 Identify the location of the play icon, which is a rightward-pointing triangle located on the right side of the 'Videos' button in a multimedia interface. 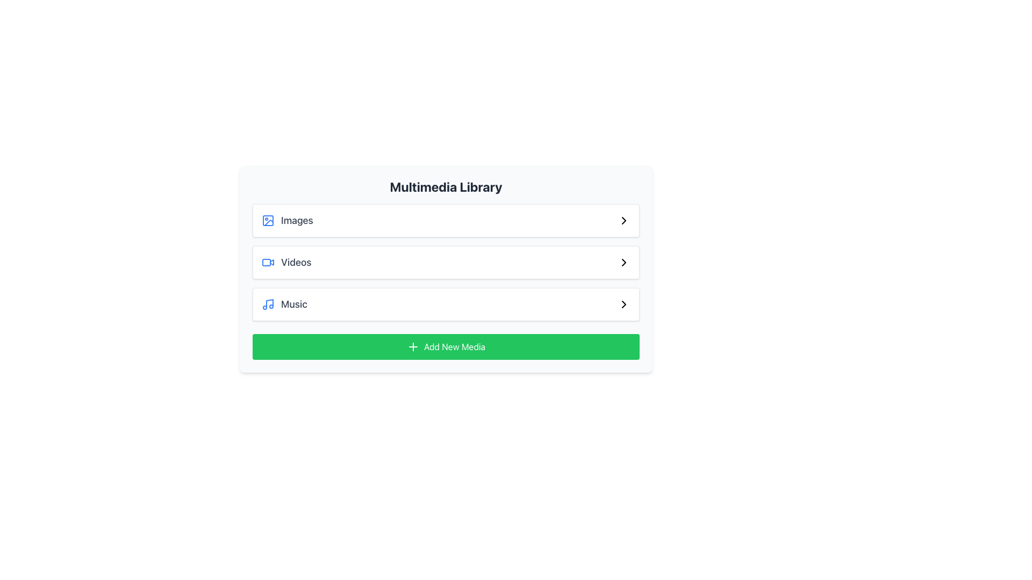
(271, 262).